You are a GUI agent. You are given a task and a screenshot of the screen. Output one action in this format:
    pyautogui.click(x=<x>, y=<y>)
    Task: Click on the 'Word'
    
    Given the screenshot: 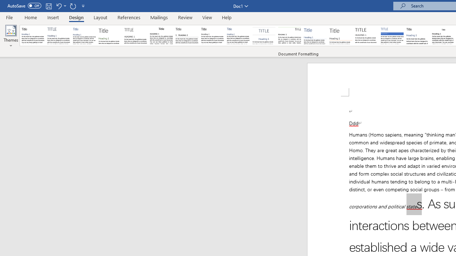 What is the action you would take?
    pyautogui.click(x=418, y=36)
    